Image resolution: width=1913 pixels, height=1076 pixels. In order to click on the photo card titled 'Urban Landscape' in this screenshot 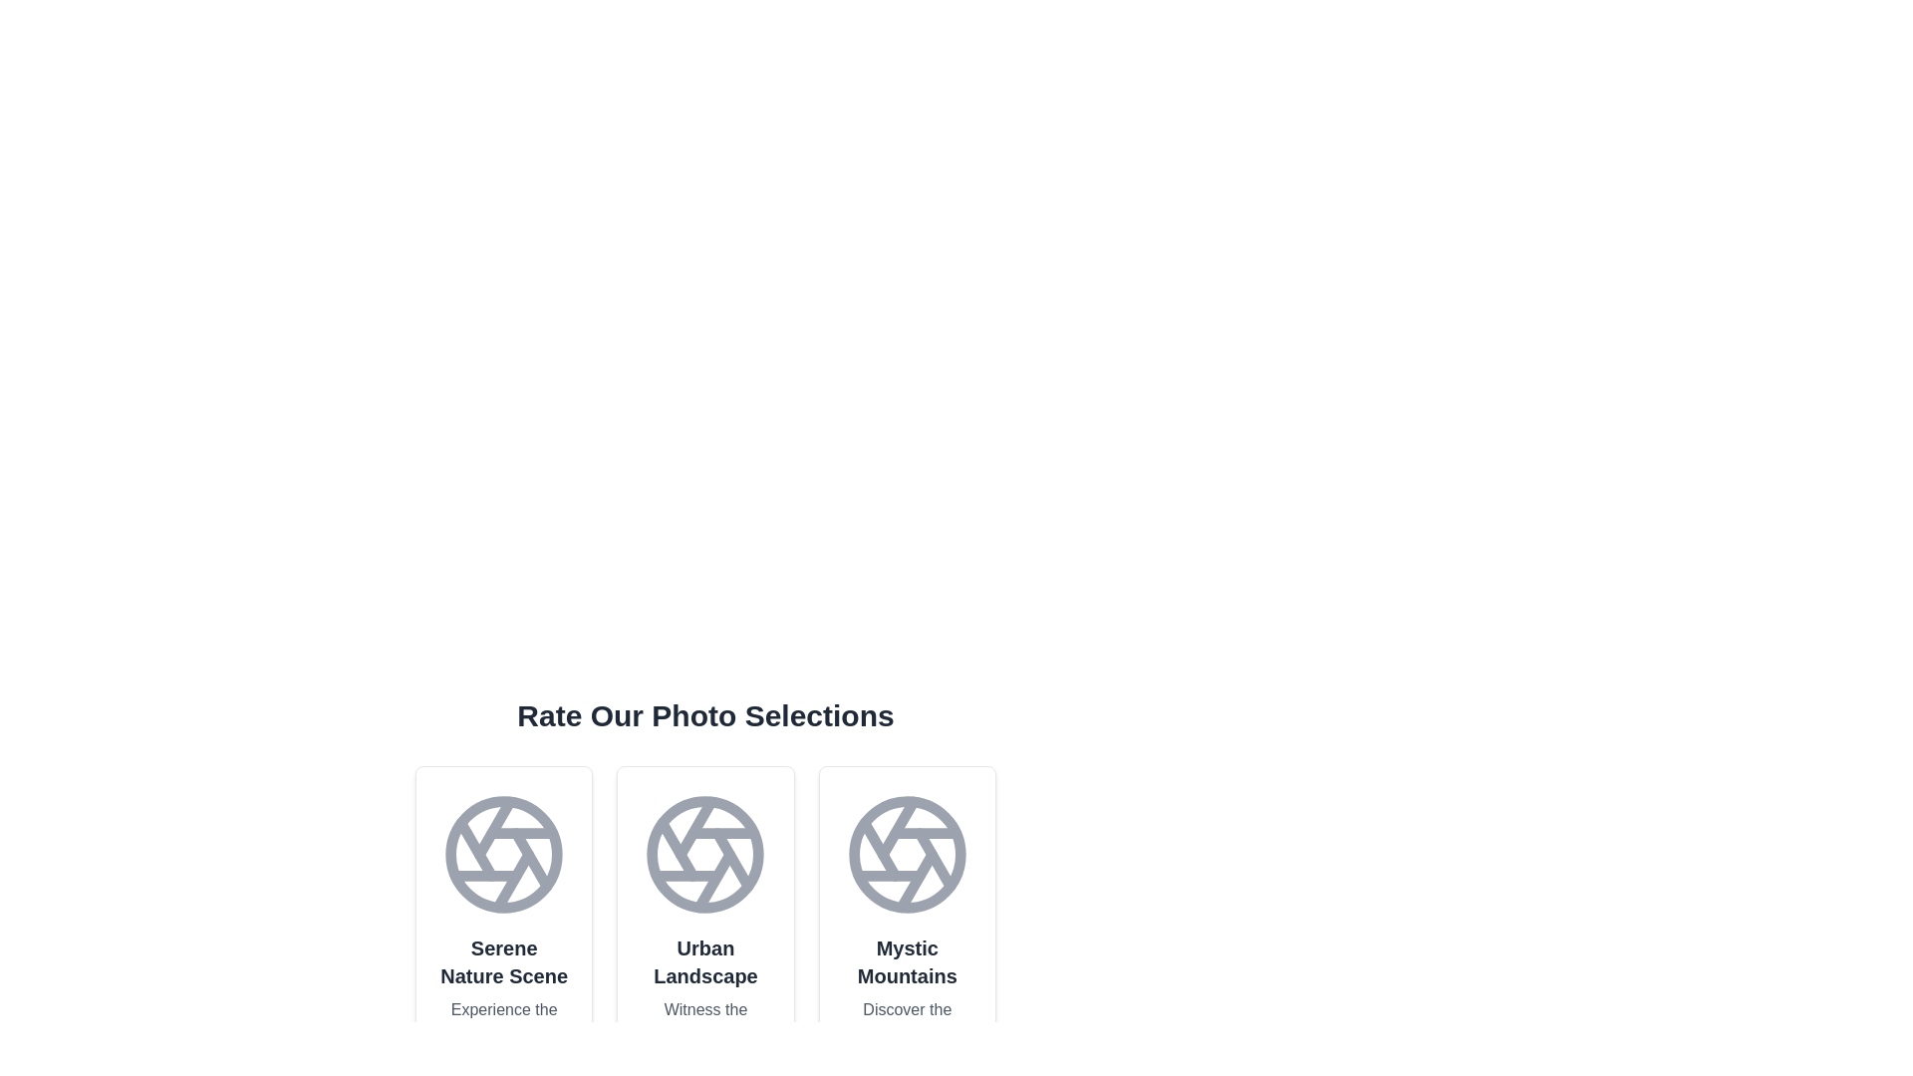, I will do `click(705, 952)`.